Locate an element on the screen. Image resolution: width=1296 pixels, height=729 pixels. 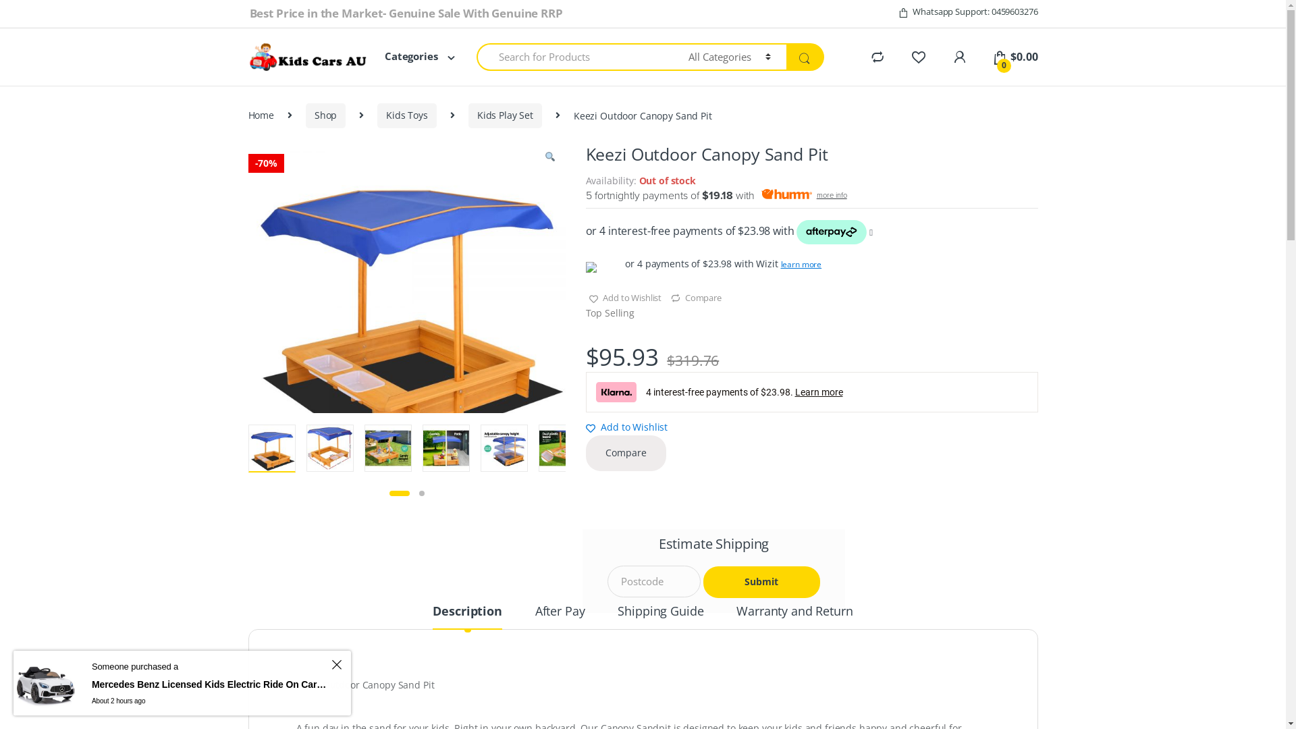
'Add to Wishlist' is located at coordinates (624, 296).